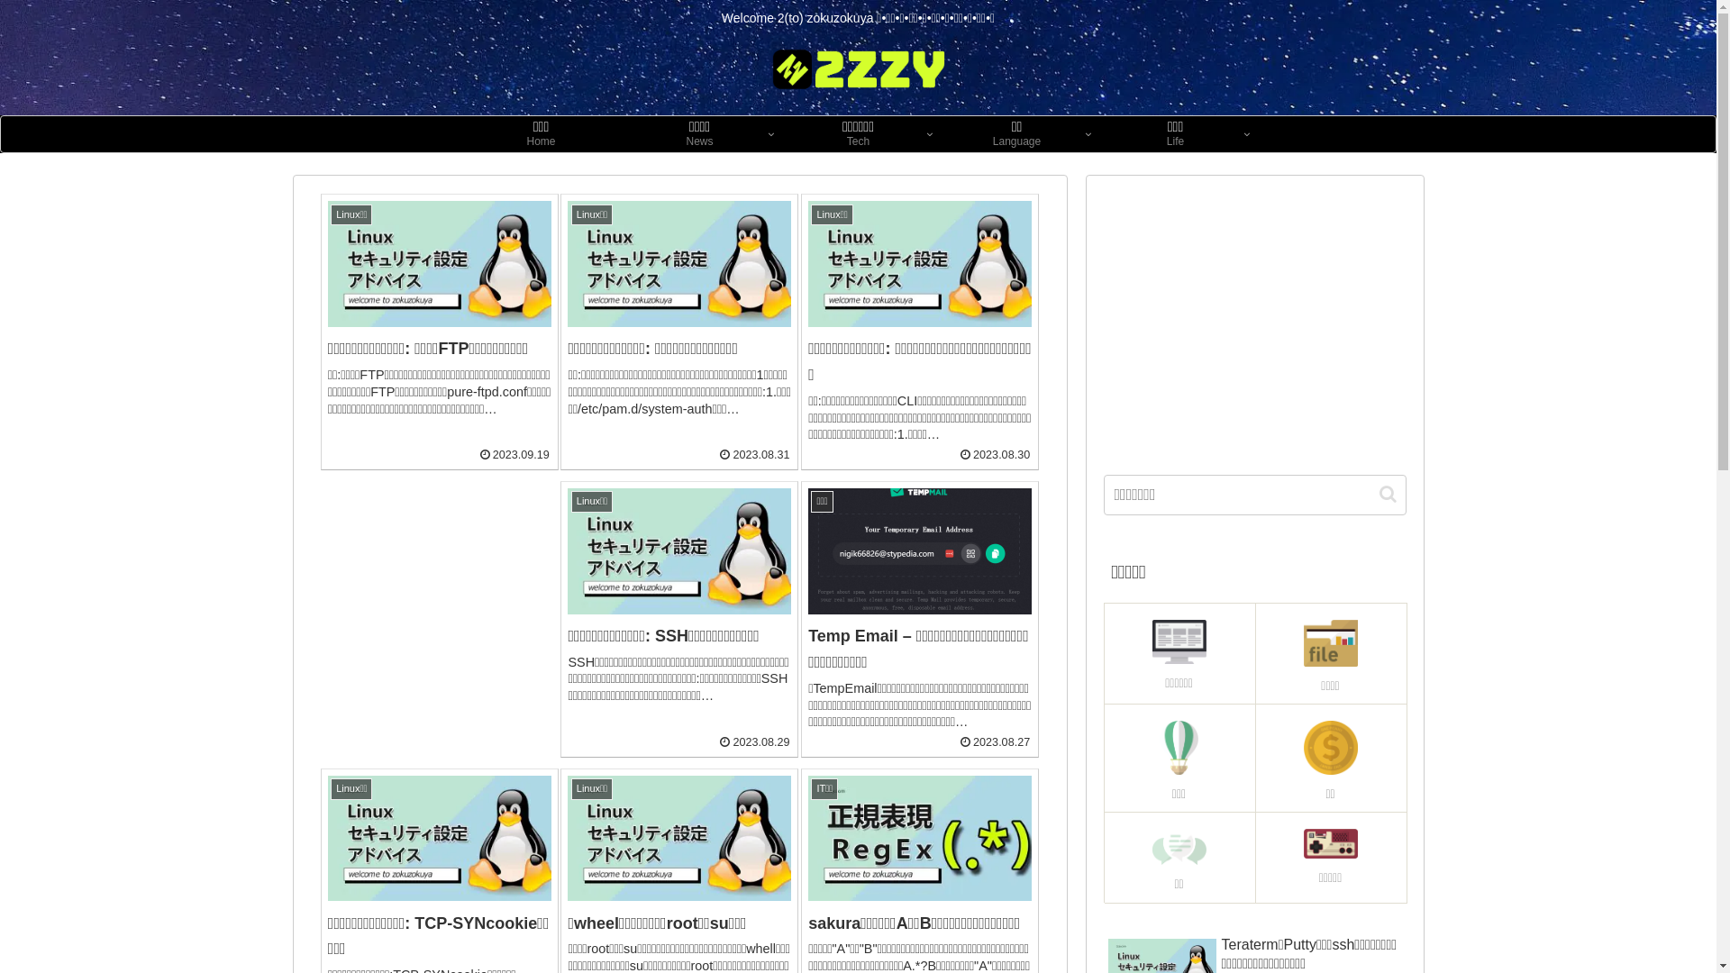  Describe the element at coordinates (440, 594) in the screenshot. I see `'Advertisement'` at that location.